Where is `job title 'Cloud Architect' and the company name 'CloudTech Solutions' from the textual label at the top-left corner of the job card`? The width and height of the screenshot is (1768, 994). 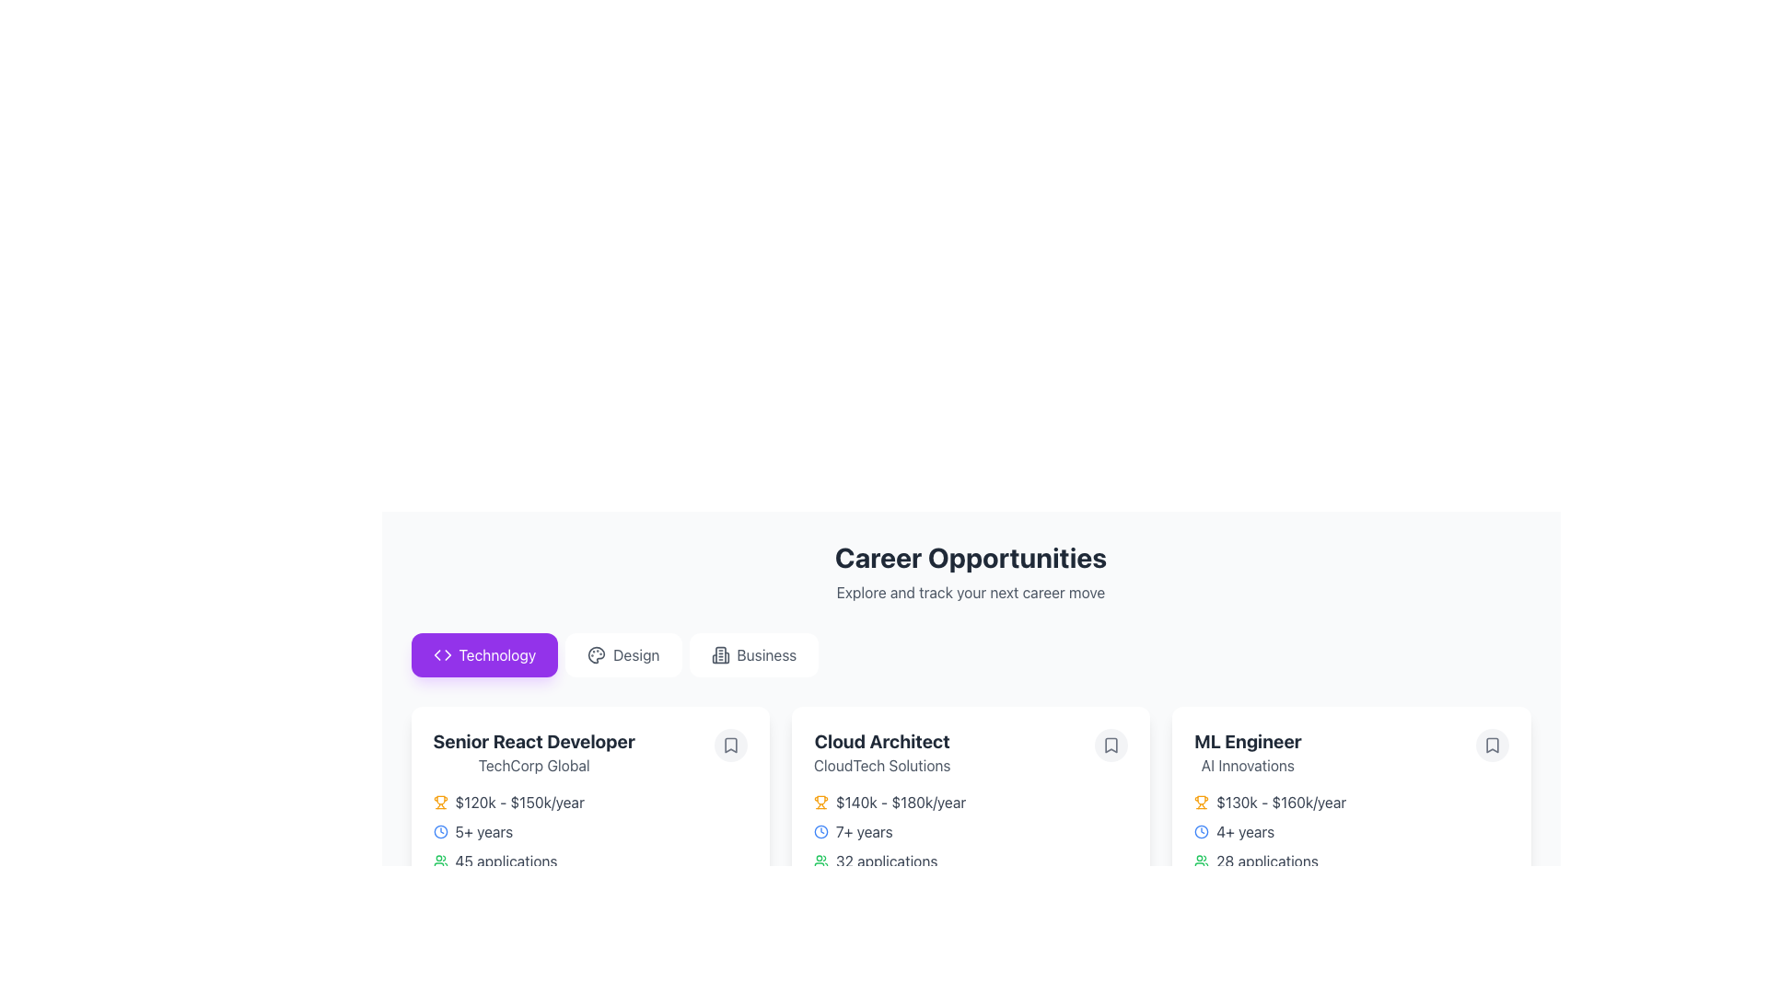 job title 'Cloud Architect' and the company name 'CloudTech Solutions' from the textual label at the top-left corner of the job card is located at coordinates (881, 752).